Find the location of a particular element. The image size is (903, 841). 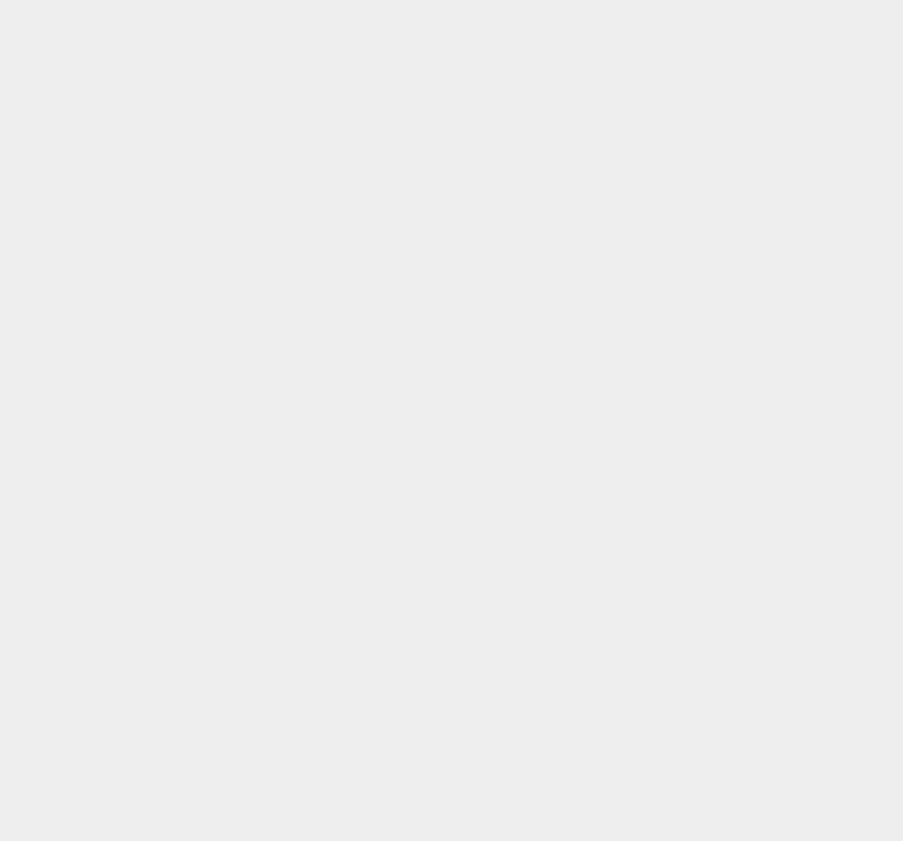

'Business' is located at coordinates (659, 358).